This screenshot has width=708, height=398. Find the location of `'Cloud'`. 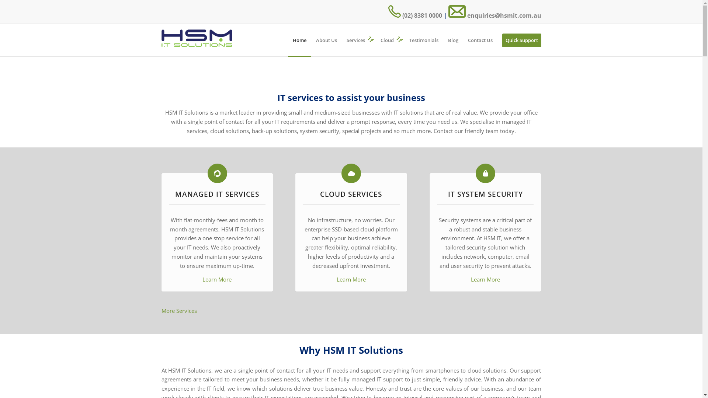

'Cloud' is located at coordinates (375, 40).